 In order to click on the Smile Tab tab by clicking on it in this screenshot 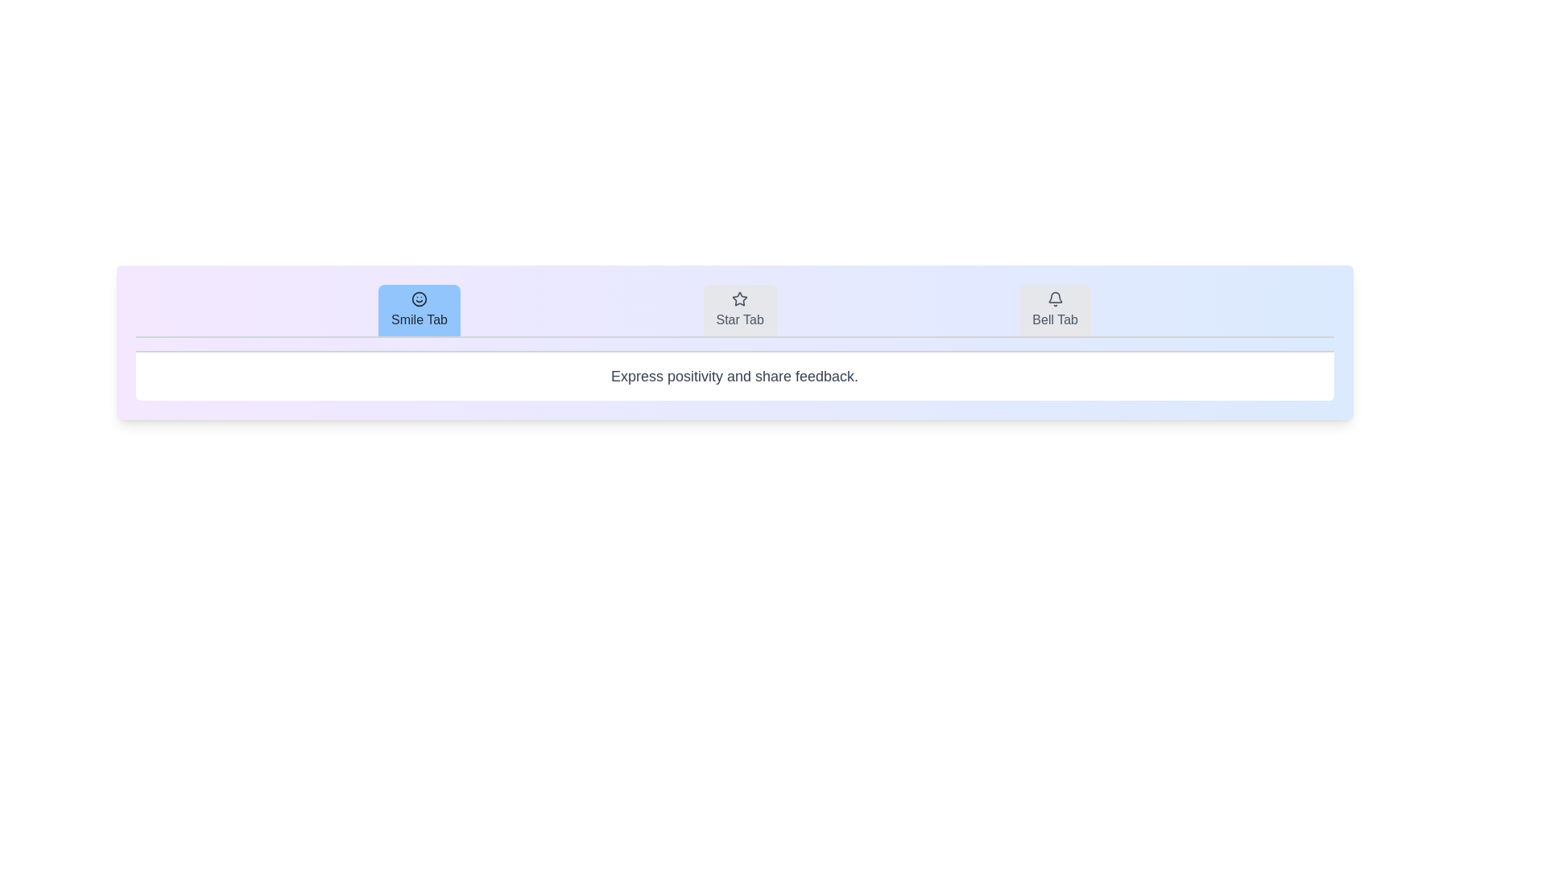, I will do `click(420, 310)`.